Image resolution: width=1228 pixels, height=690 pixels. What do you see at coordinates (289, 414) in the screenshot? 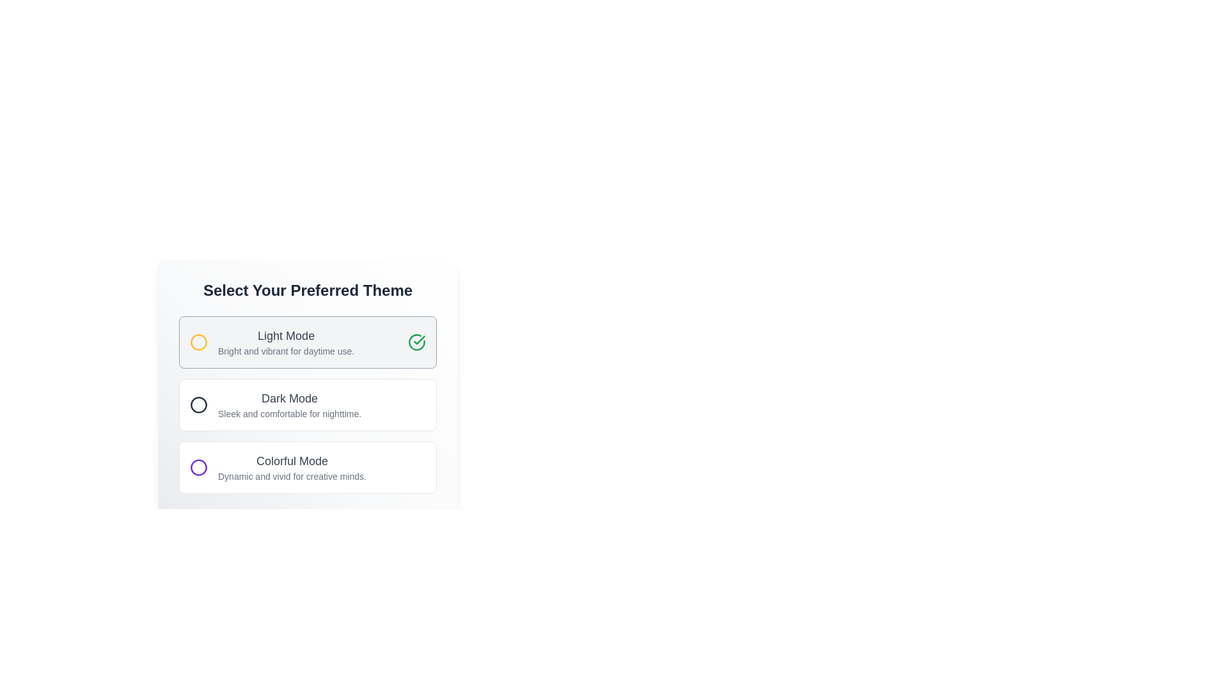
I see `the text label stating 'Sleek and comfortable for nighttime.' located under the 'Dark Mode' title` at bounding box center [289, 414].